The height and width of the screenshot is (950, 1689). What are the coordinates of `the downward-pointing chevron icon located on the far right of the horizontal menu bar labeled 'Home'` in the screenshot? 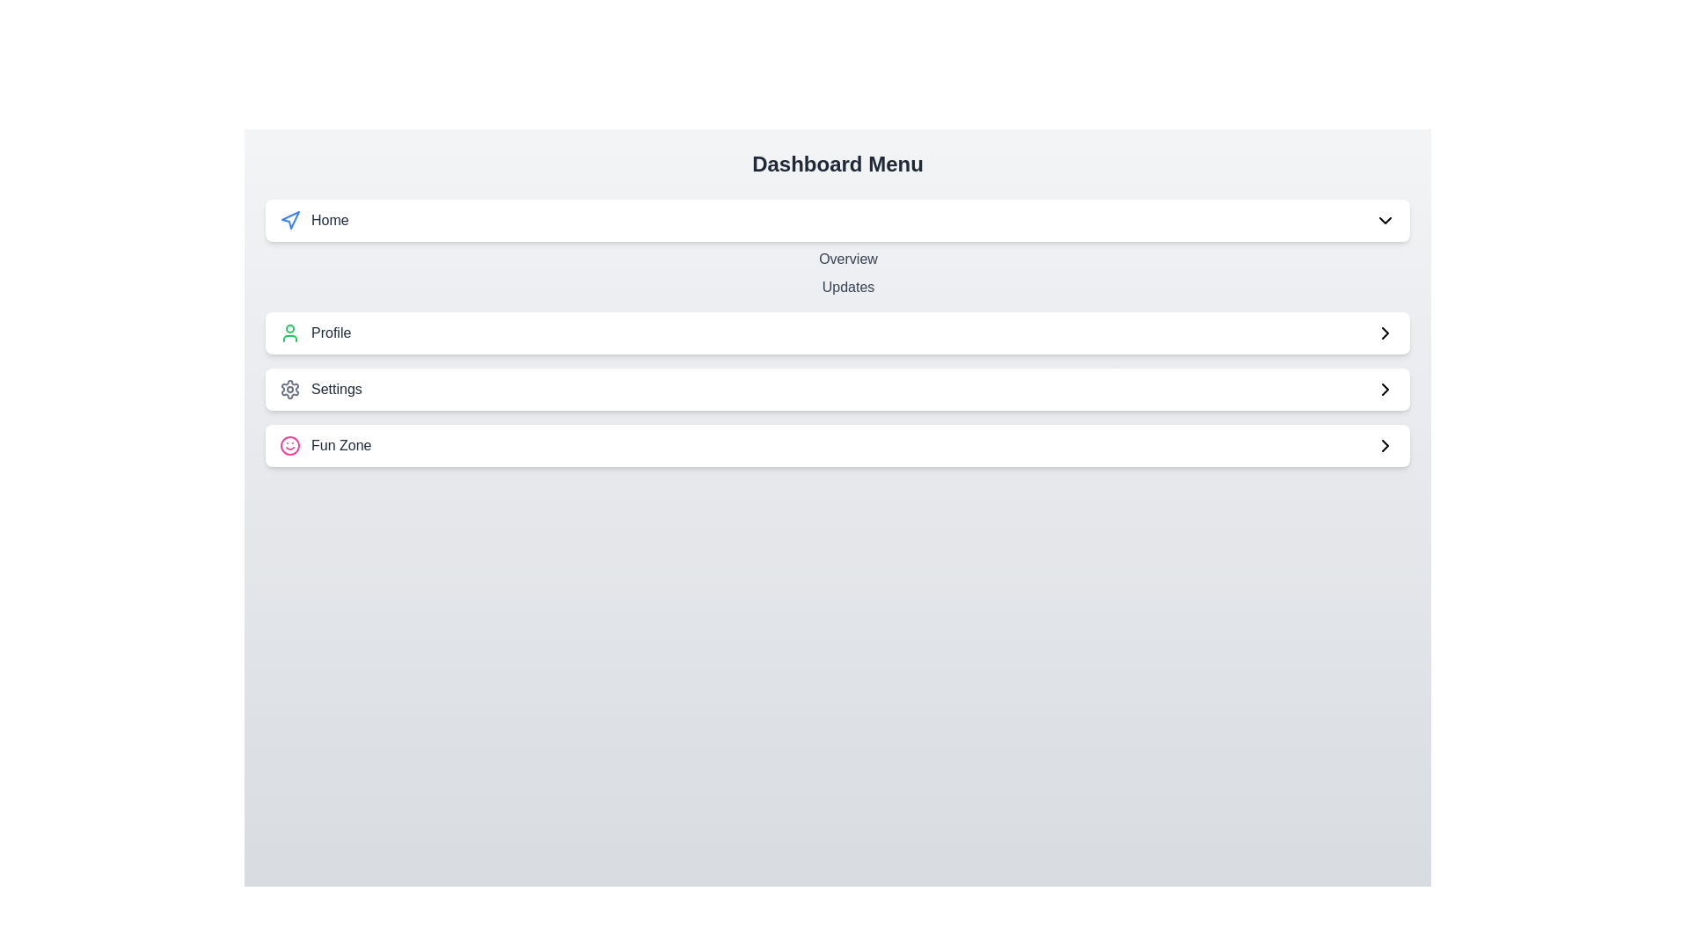 It's located at (1384, 219).